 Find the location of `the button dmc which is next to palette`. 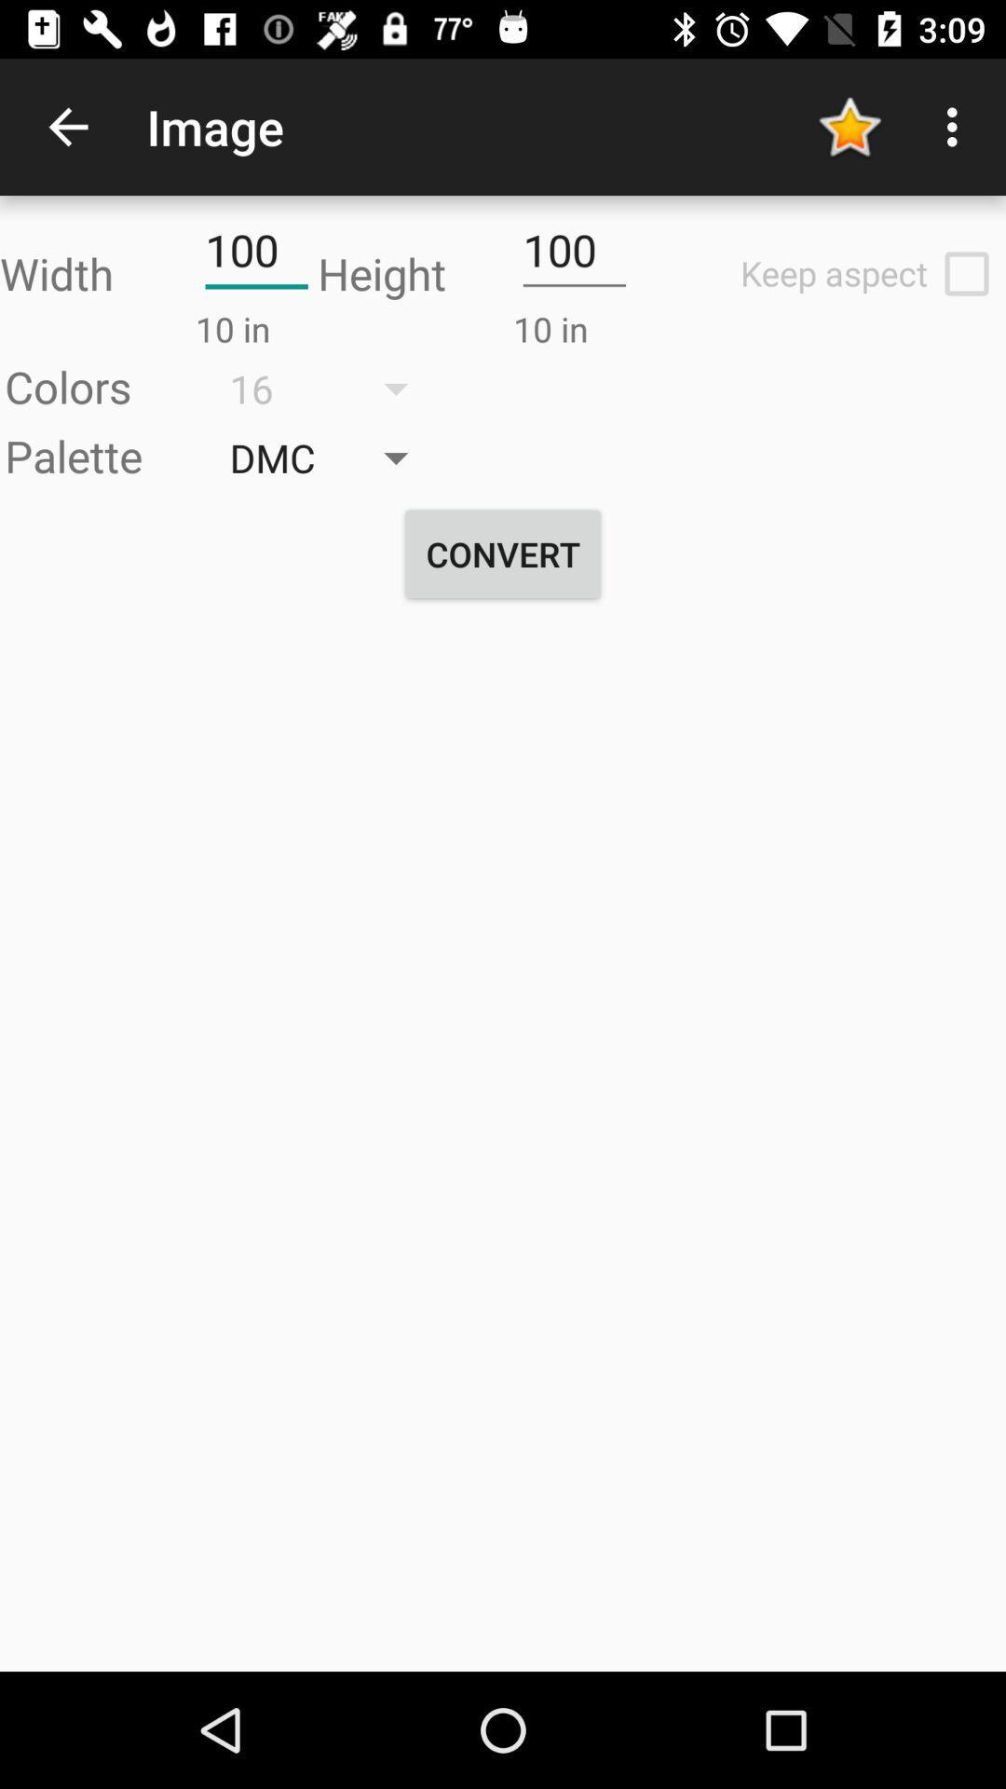

the button dmc which is next to palette is located at coordinates (332, 457).